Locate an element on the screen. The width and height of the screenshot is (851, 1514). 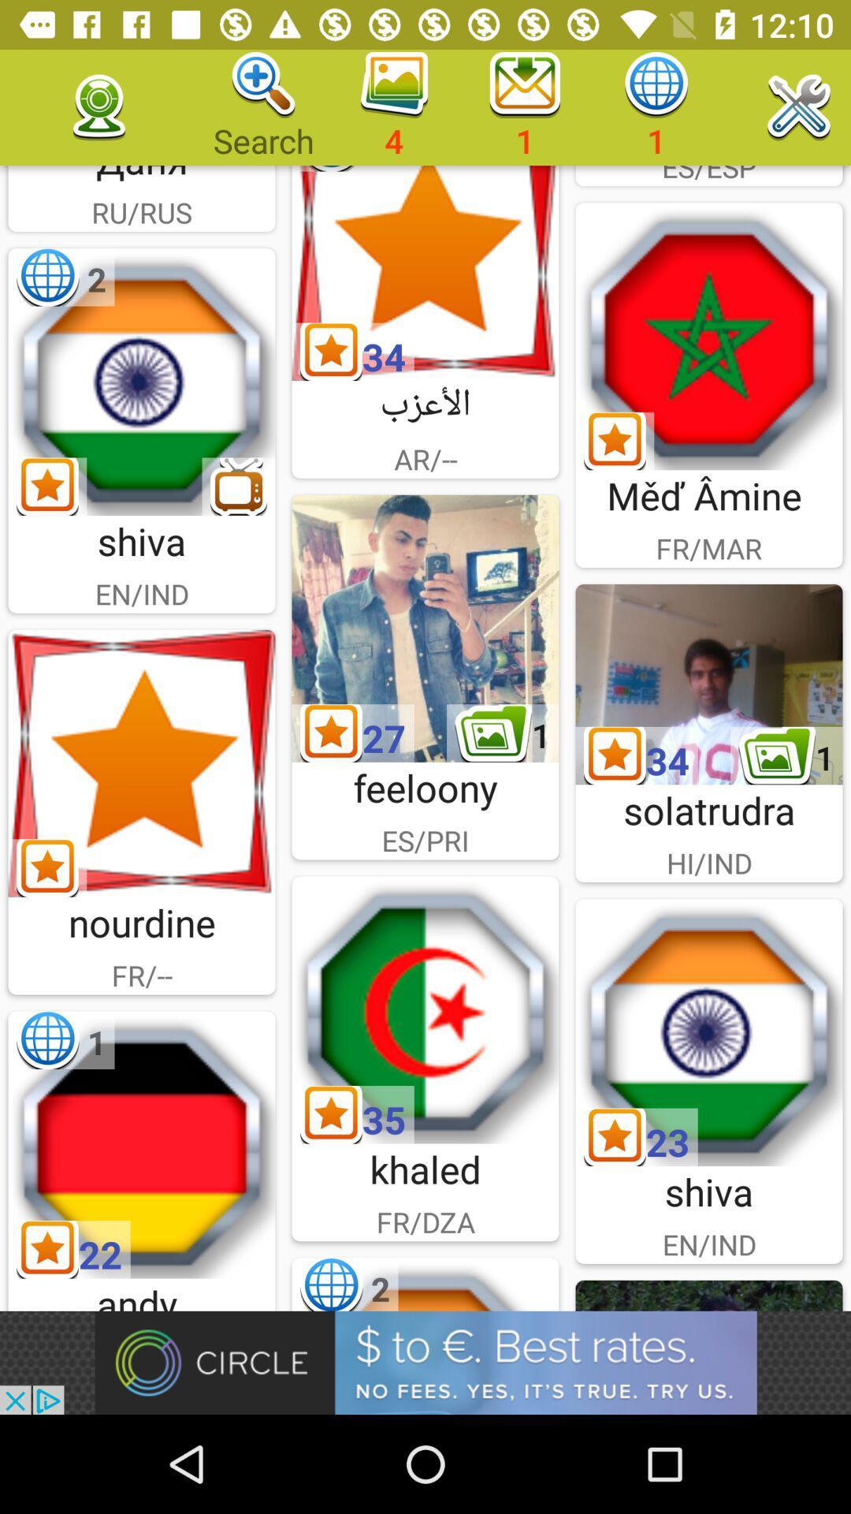
photo for solatrudra 's profile is located at coordinates (708, 684).